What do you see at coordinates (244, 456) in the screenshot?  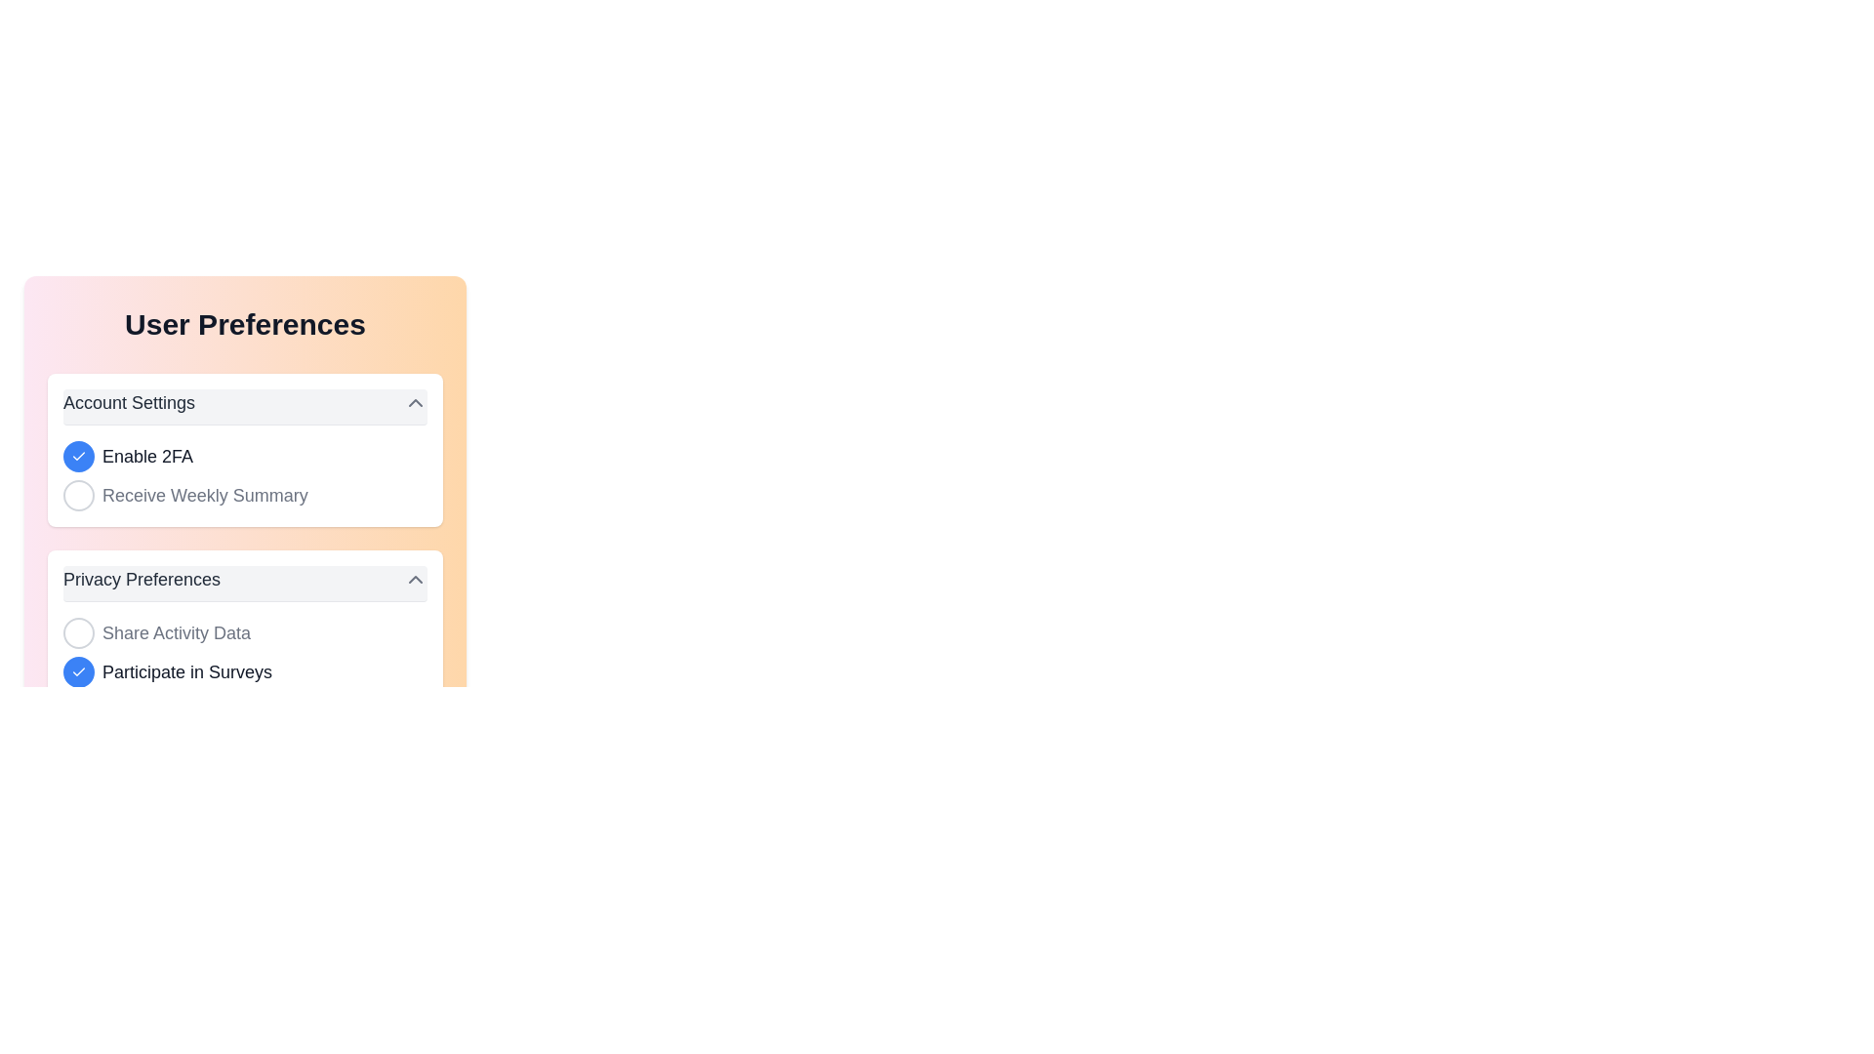 I see `the blue circular checkbox for the 'Enable 2FA' option in the user preferences menu` at bounding box center [244, 456].